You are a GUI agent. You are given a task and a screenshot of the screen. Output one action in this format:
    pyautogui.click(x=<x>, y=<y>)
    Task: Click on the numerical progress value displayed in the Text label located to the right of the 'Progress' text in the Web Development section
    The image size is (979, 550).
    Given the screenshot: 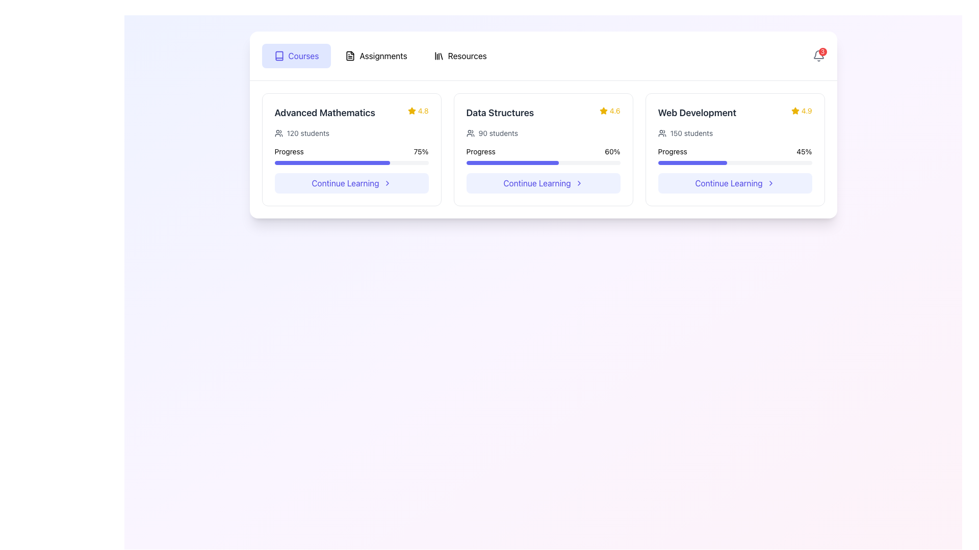 What is the action you would take?
    pyautogui.click(x=804, y=151)
    